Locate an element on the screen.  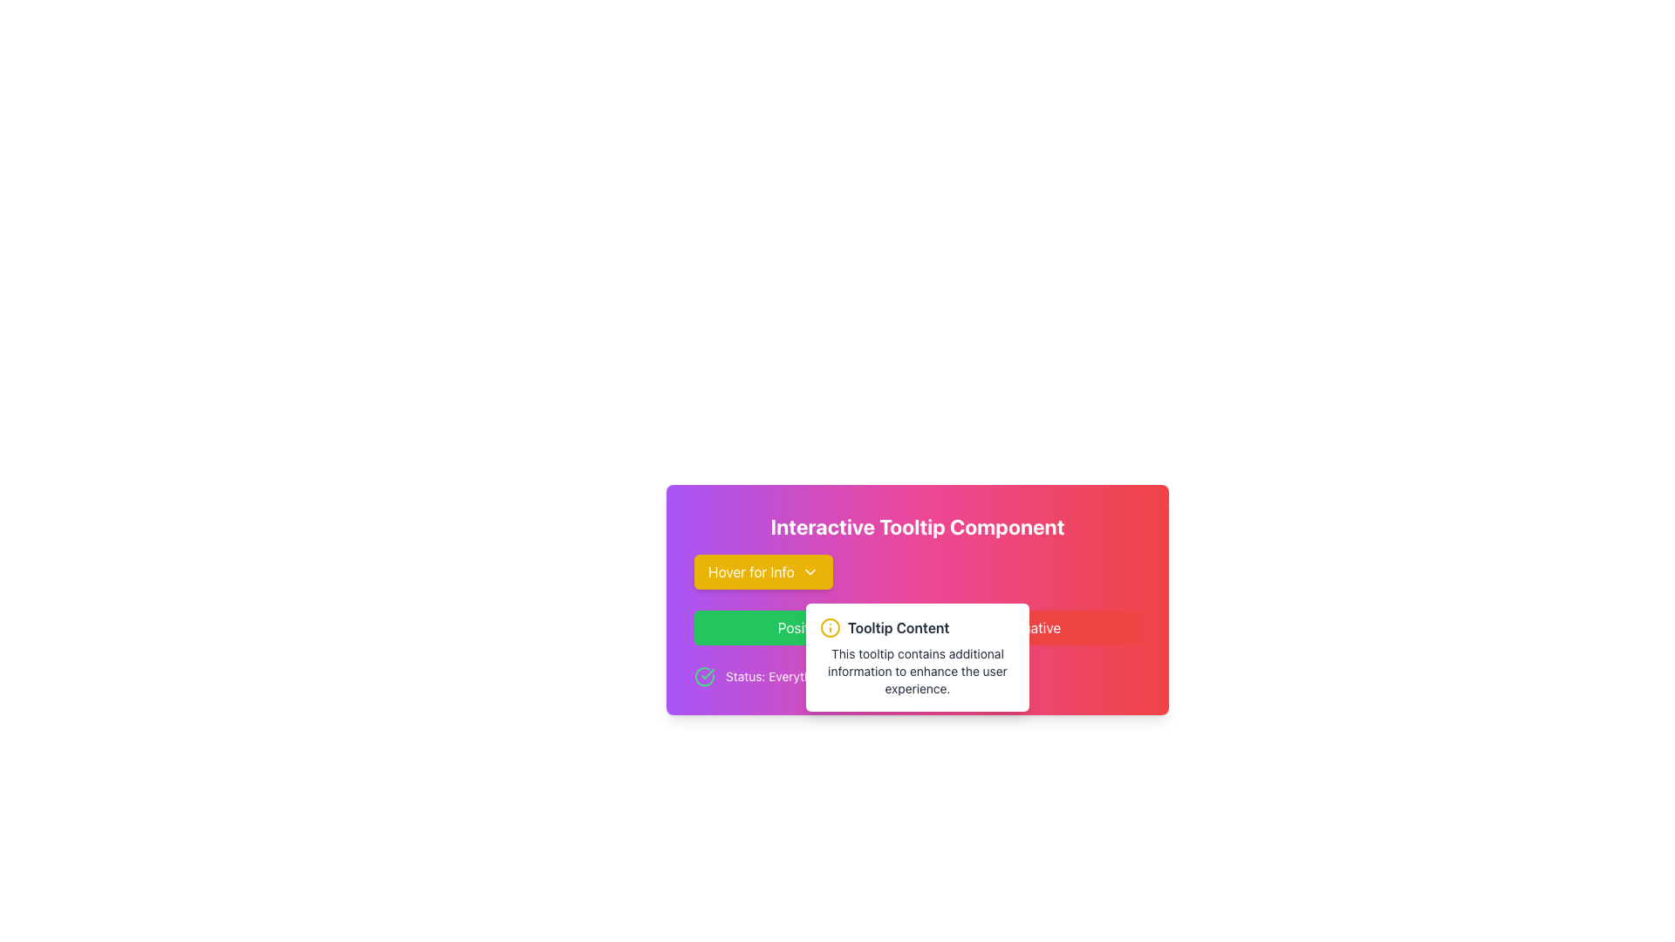
the 'Tooltip Content' text label in the tooltip box for better readability is located at coordinates (916, 628).